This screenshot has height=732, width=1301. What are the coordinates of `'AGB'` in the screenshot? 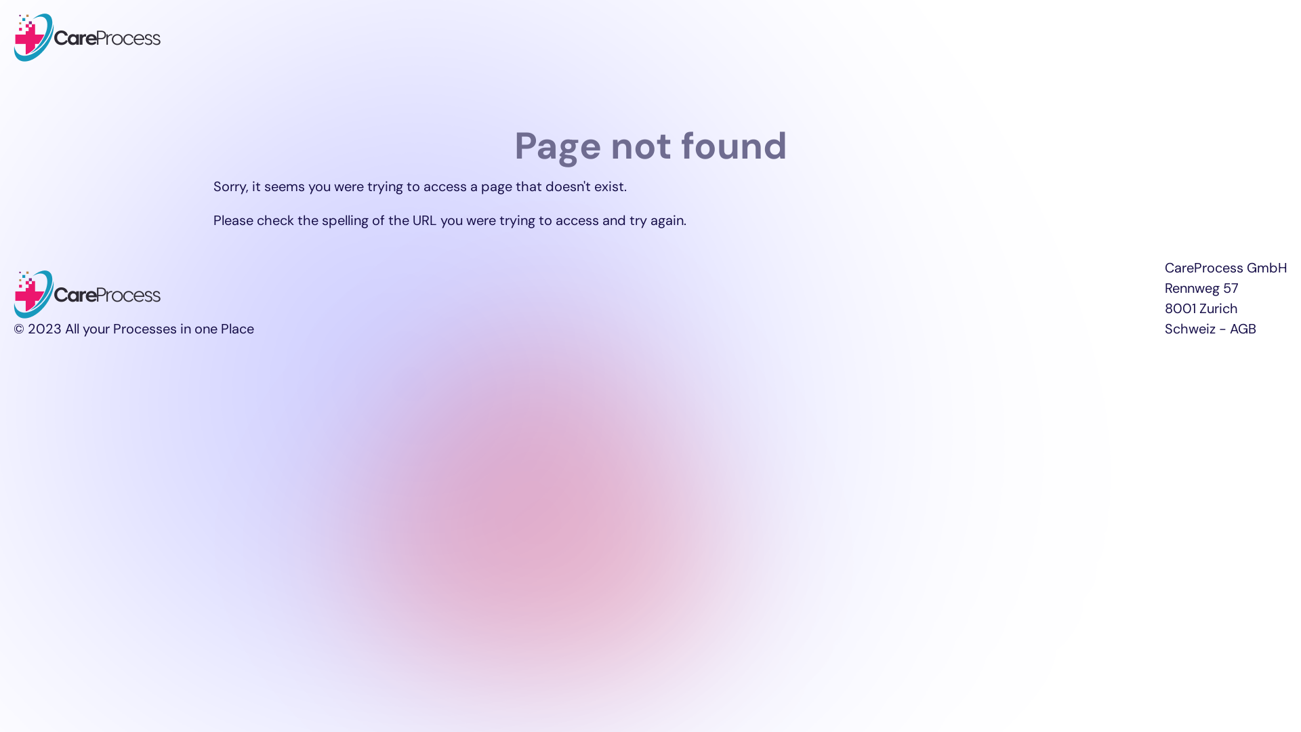 It's located at (1243, 329).